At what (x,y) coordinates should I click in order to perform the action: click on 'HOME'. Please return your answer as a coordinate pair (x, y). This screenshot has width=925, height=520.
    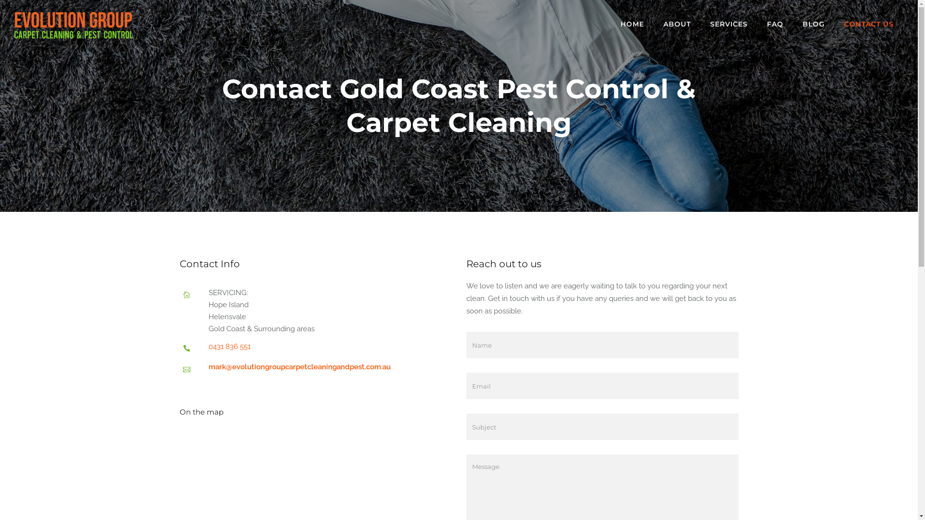
    Looking at the image, I should click on (632, 24).